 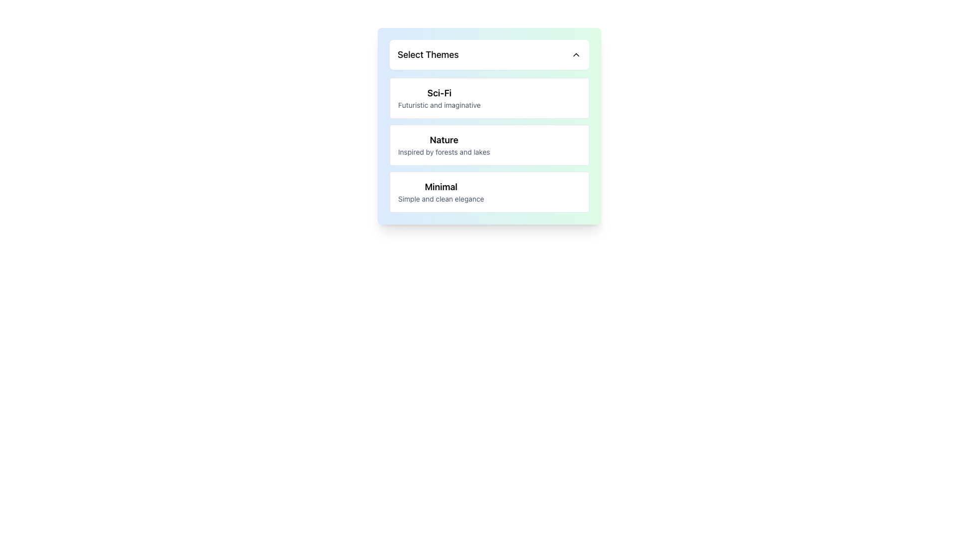 I want to click on the Text Label that serves as a category header for the selectable theme option, positioned at the top of the dropdown list above the secondary descriptive text 'Futuristic and imaginative', so click(x=439, y=93).